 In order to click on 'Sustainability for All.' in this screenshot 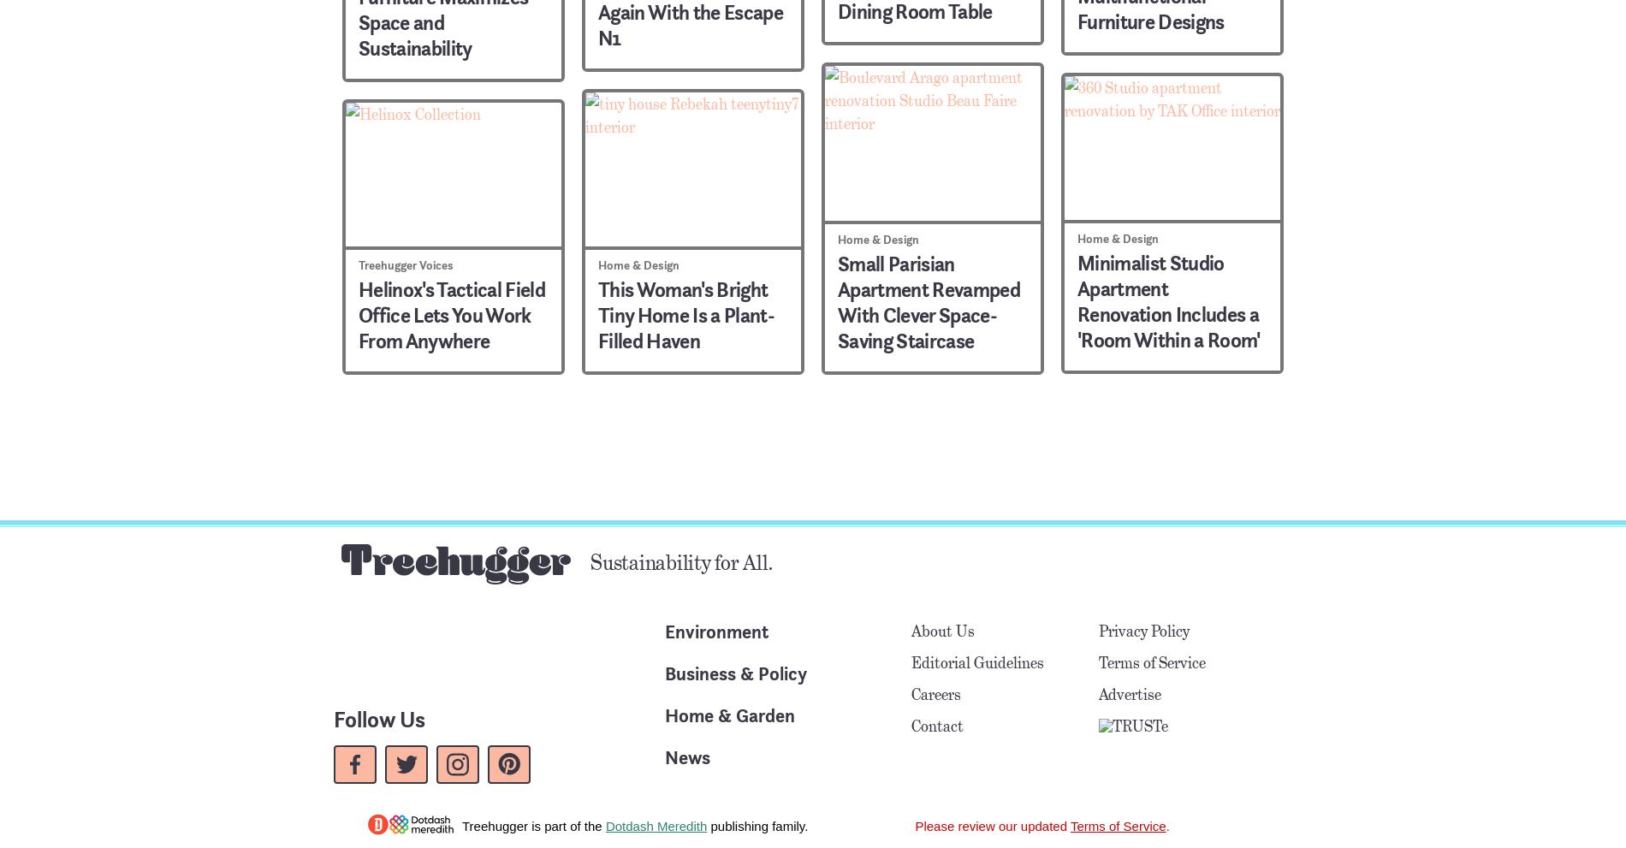, I will do `click(679, 560)`.